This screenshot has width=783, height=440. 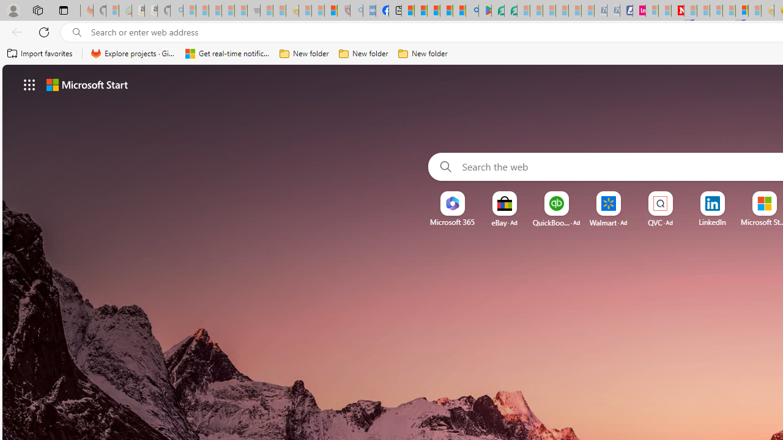 What do you see at coordinates (639, 10) in the screenshot?
I see `'Jobs - lastminute.com Investor Portal'` at bounding box center [639, 10].